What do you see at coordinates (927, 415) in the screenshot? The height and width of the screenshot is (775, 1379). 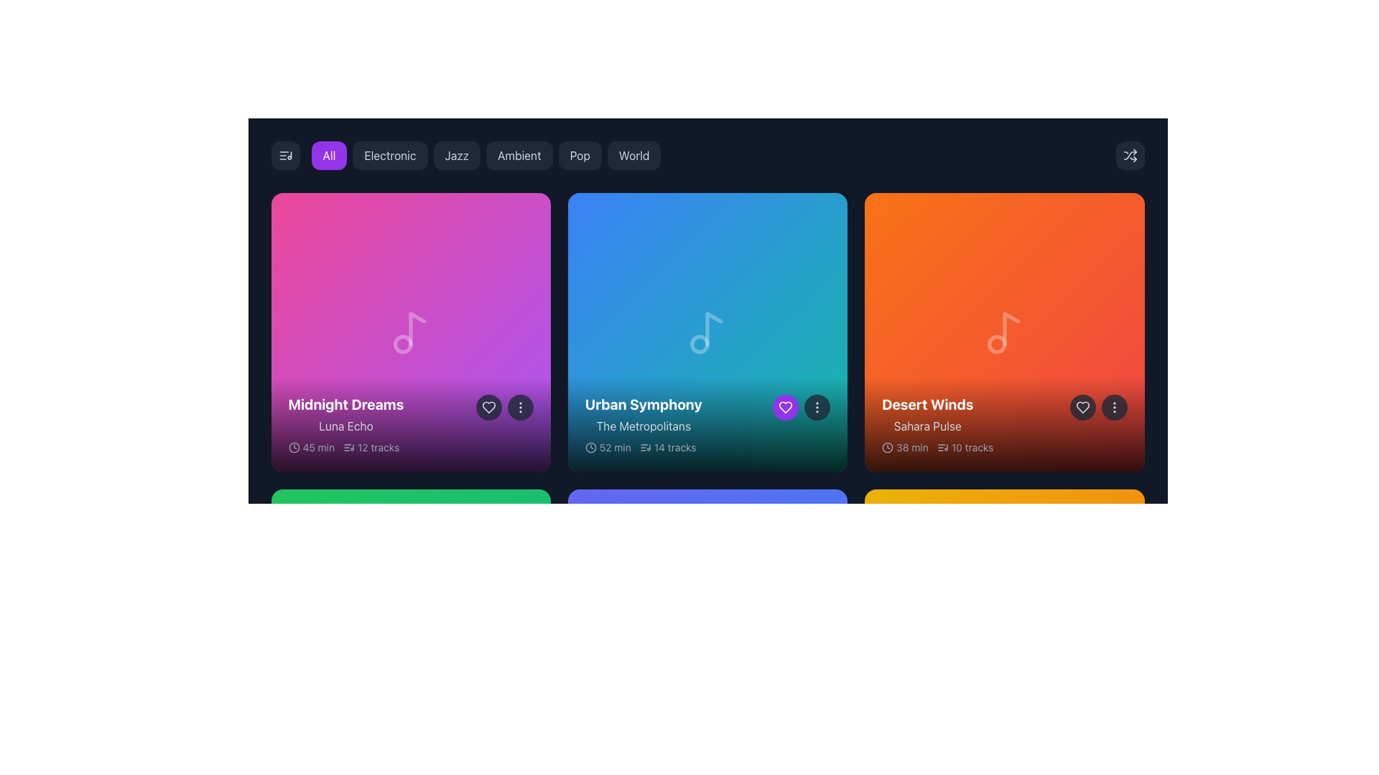 I see `the title and subtitle display for the playlist 'Desert Winds' by artist 'Sahara Pulse', located in the third card of the first row of the grid` at bounding box center [927, 415].